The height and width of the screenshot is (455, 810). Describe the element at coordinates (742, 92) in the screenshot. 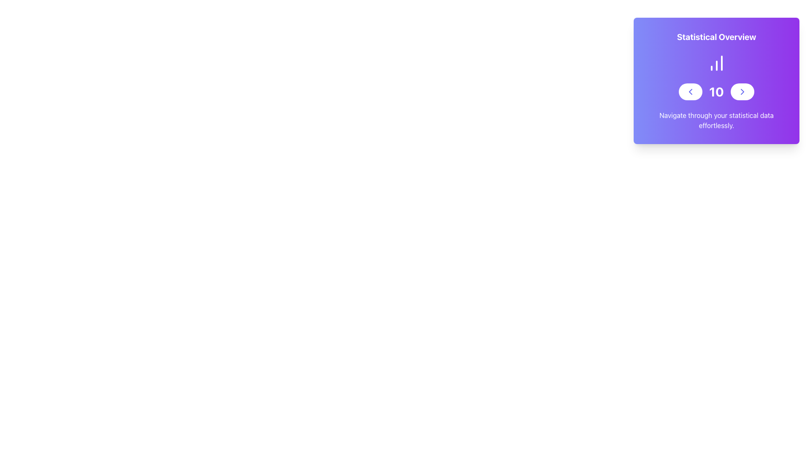

I see `the circular button with a white background and an indigo rightward chevron icon` at that location.